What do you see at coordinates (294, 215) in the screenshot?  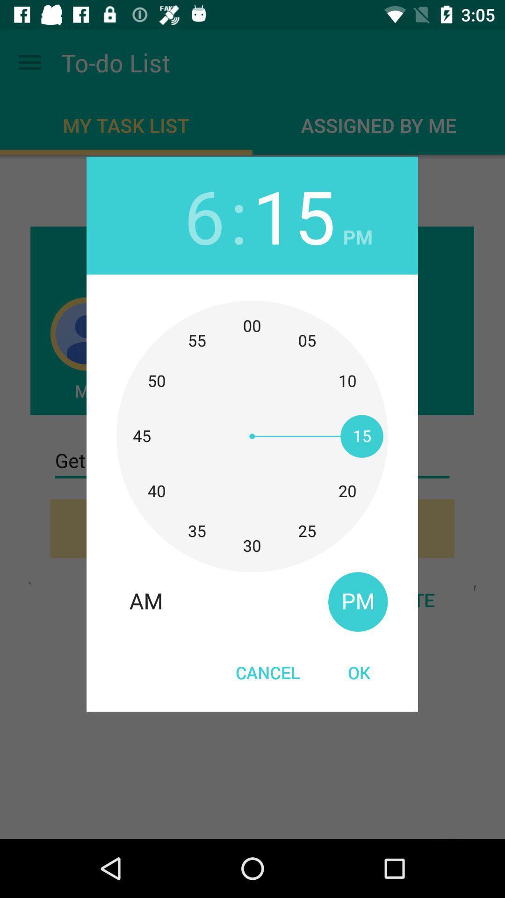 I see `item to the right of the :` at bounding box center [294, 215].